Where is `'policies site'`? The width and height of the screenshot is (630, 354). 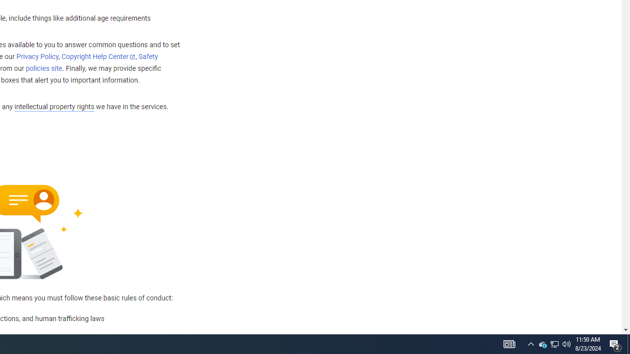
'policies site' is located at coordinates (43, 68).